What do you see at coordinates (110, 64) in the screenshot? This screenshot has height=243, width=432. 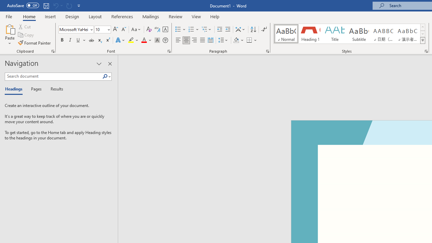 I see `'Close pane'` at bounding box center [110, 64].